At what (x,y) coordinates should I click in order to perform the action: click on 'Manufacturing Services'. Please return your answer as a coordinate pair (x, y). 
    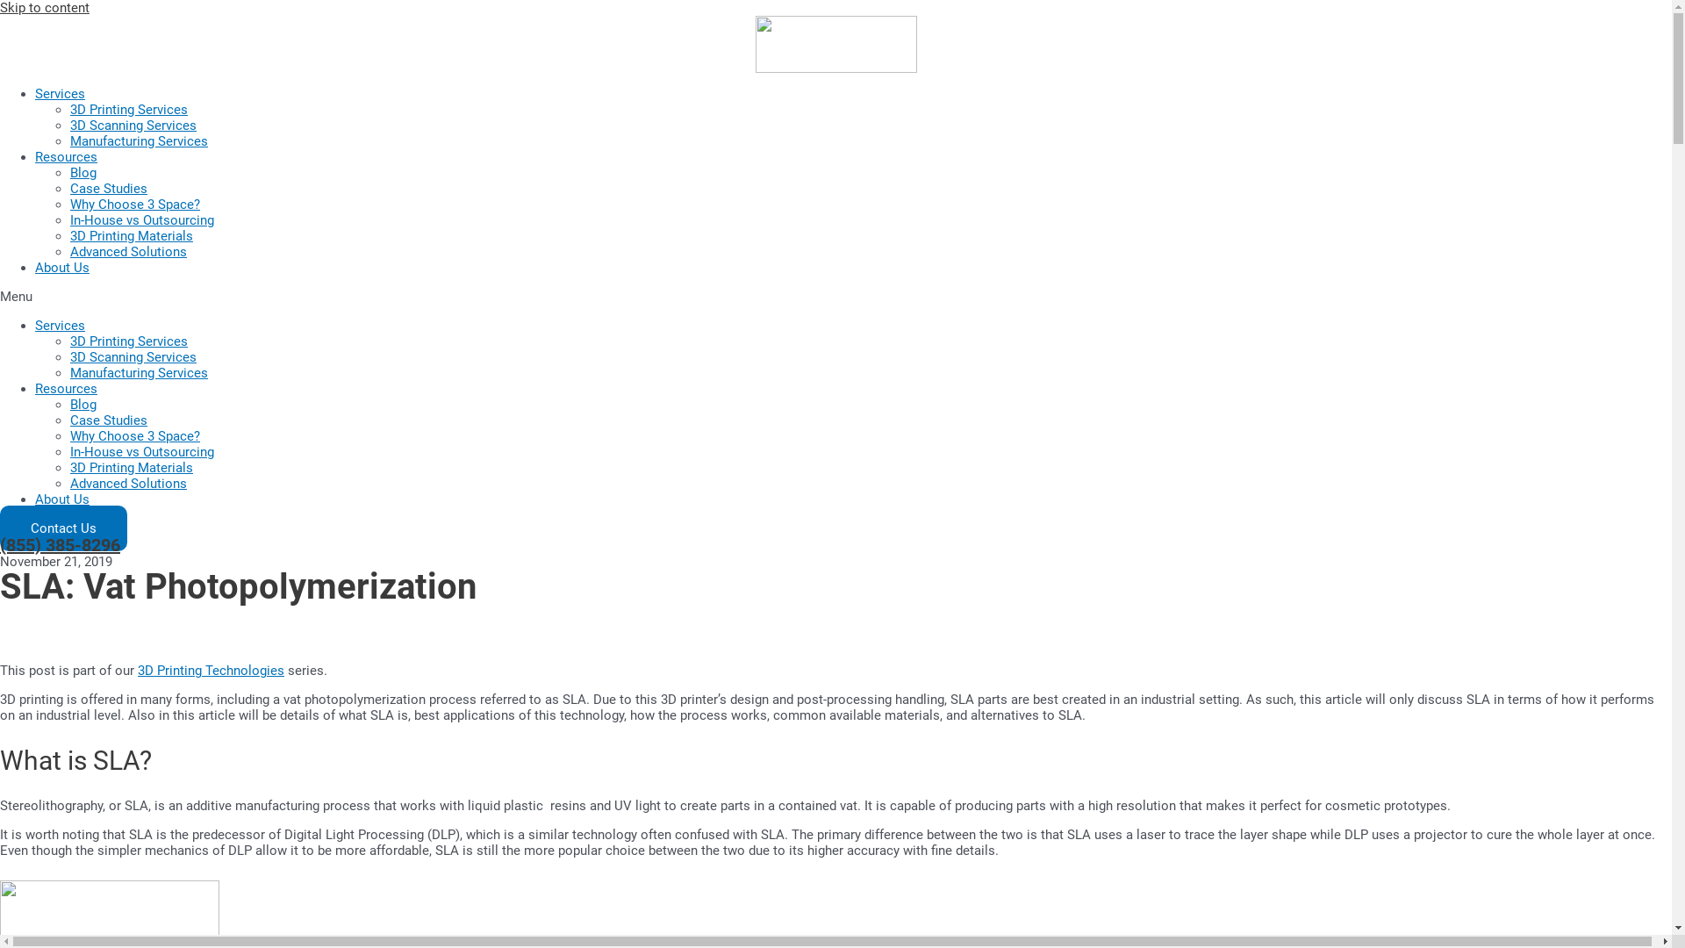
    Looking at the image, I should click on (70, 371).